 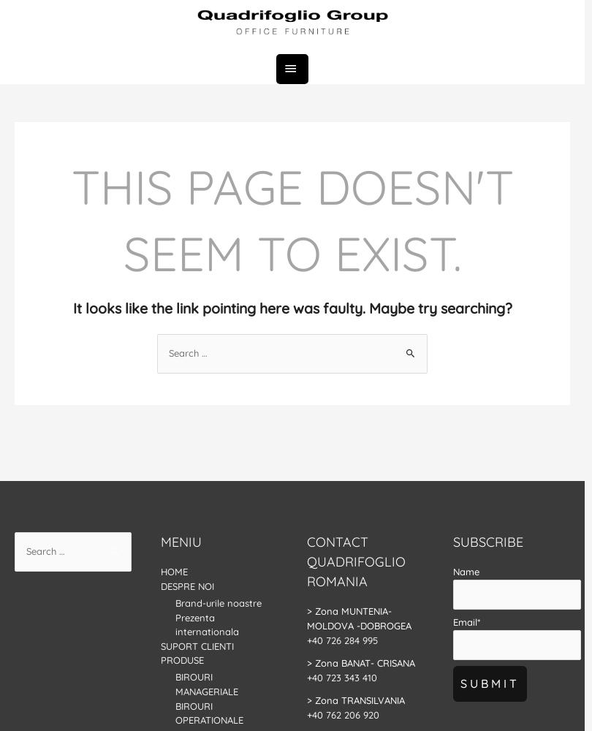 I want to click on '> Zona TRANSILVANIA', so click(x=306, y=699).